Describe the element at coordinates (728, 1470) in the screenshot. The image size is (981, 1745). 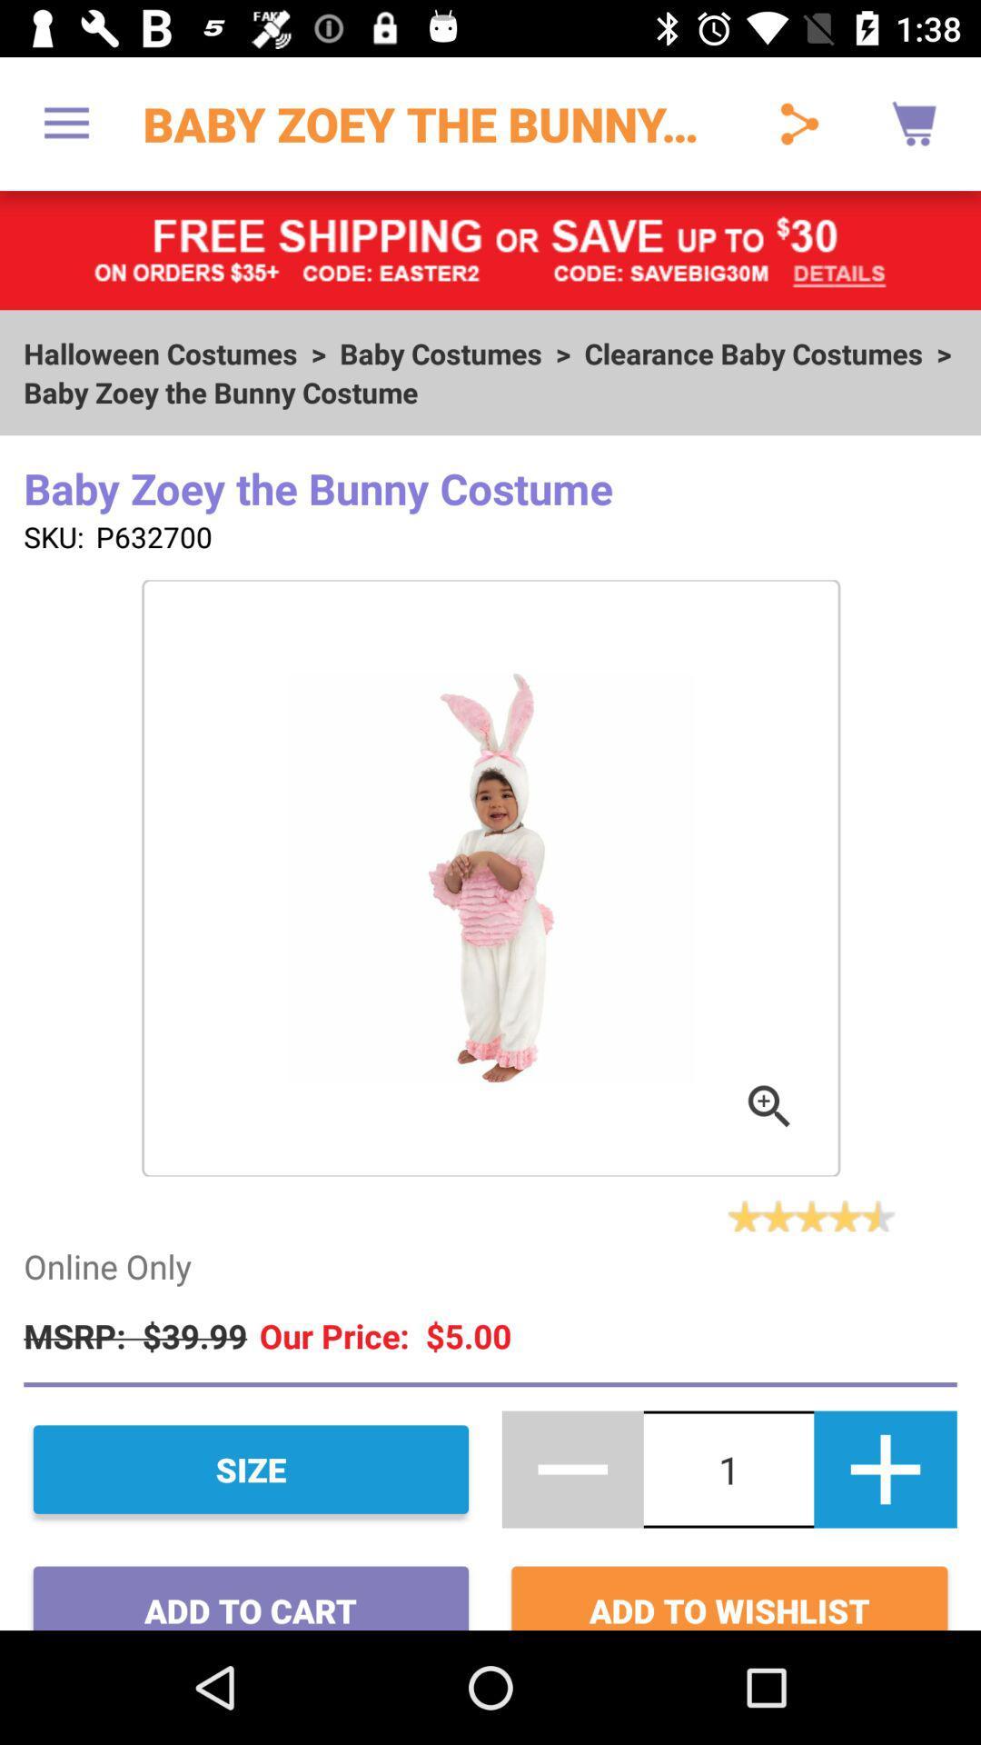
I see `the text between  and` at that location.